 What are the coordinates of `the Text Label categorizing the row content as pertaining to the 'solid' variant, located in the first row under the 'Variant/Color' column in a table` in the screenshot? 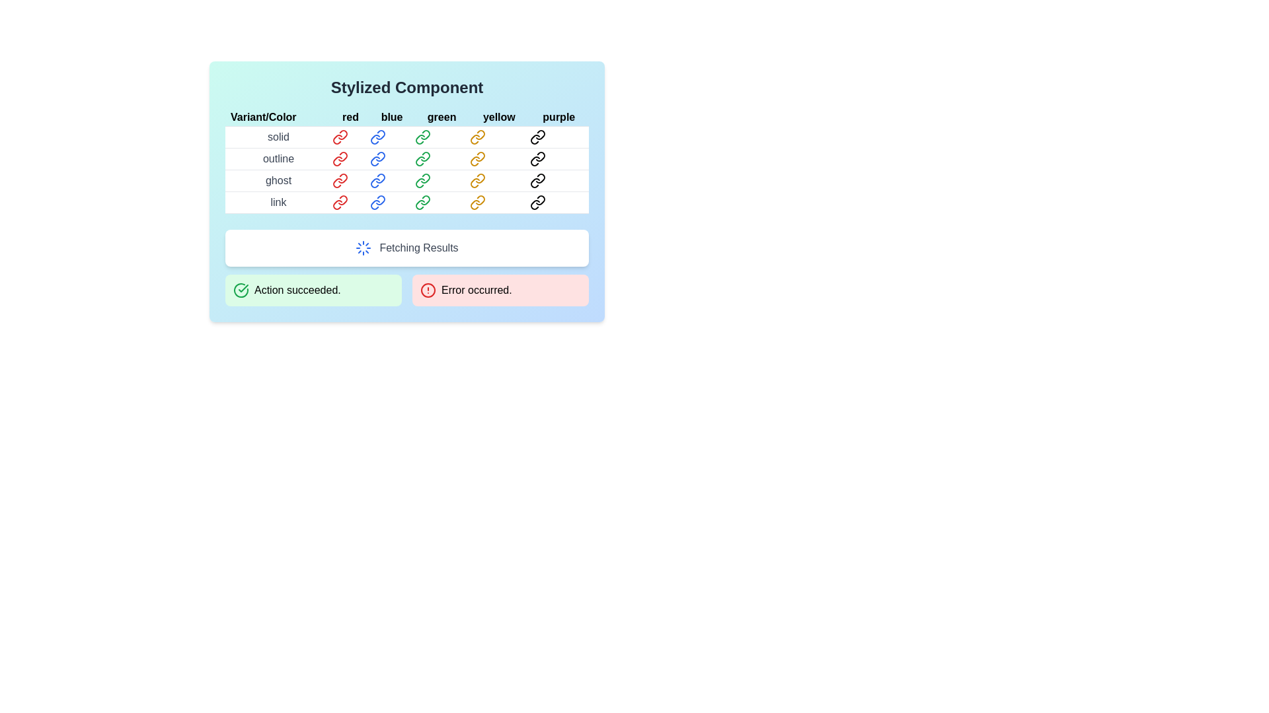 It's located at (278, 137).